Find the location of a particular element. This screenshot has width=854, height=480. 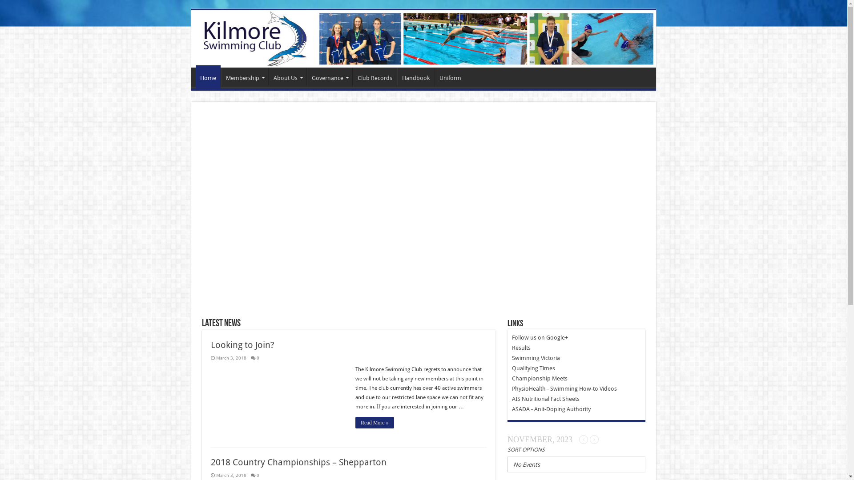

'Follow us on Google+' is located at coordinates (540, 337).